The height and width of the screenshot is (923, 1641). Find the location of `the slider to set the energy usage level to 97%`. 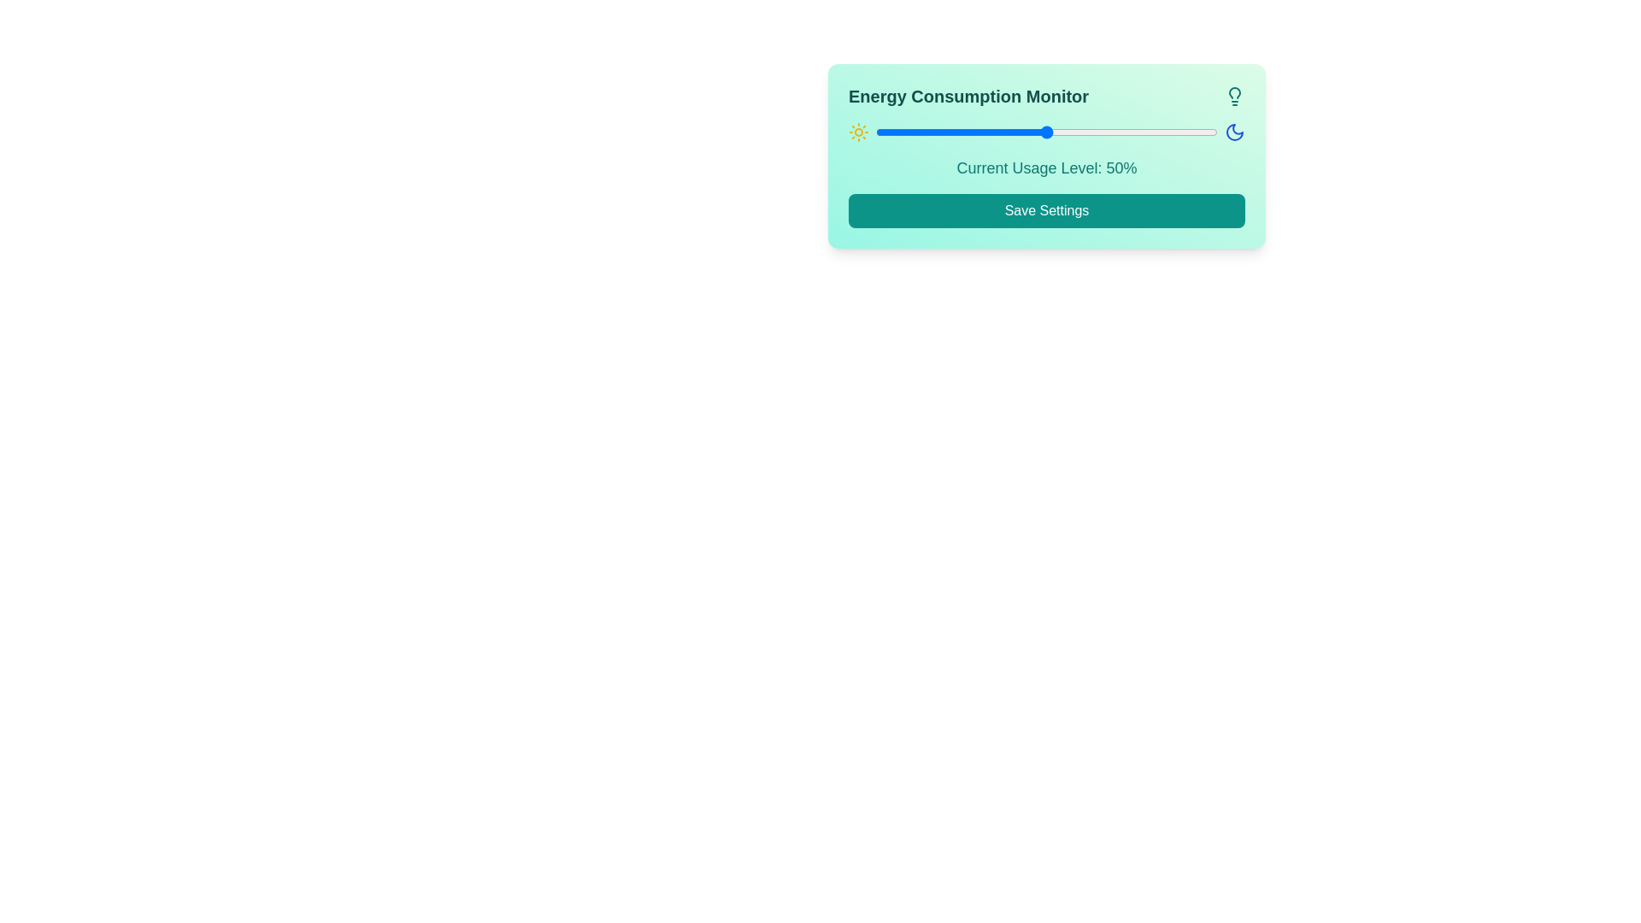

the slider to set the energy usage level to 97% is located at coordinates (1206, 131).